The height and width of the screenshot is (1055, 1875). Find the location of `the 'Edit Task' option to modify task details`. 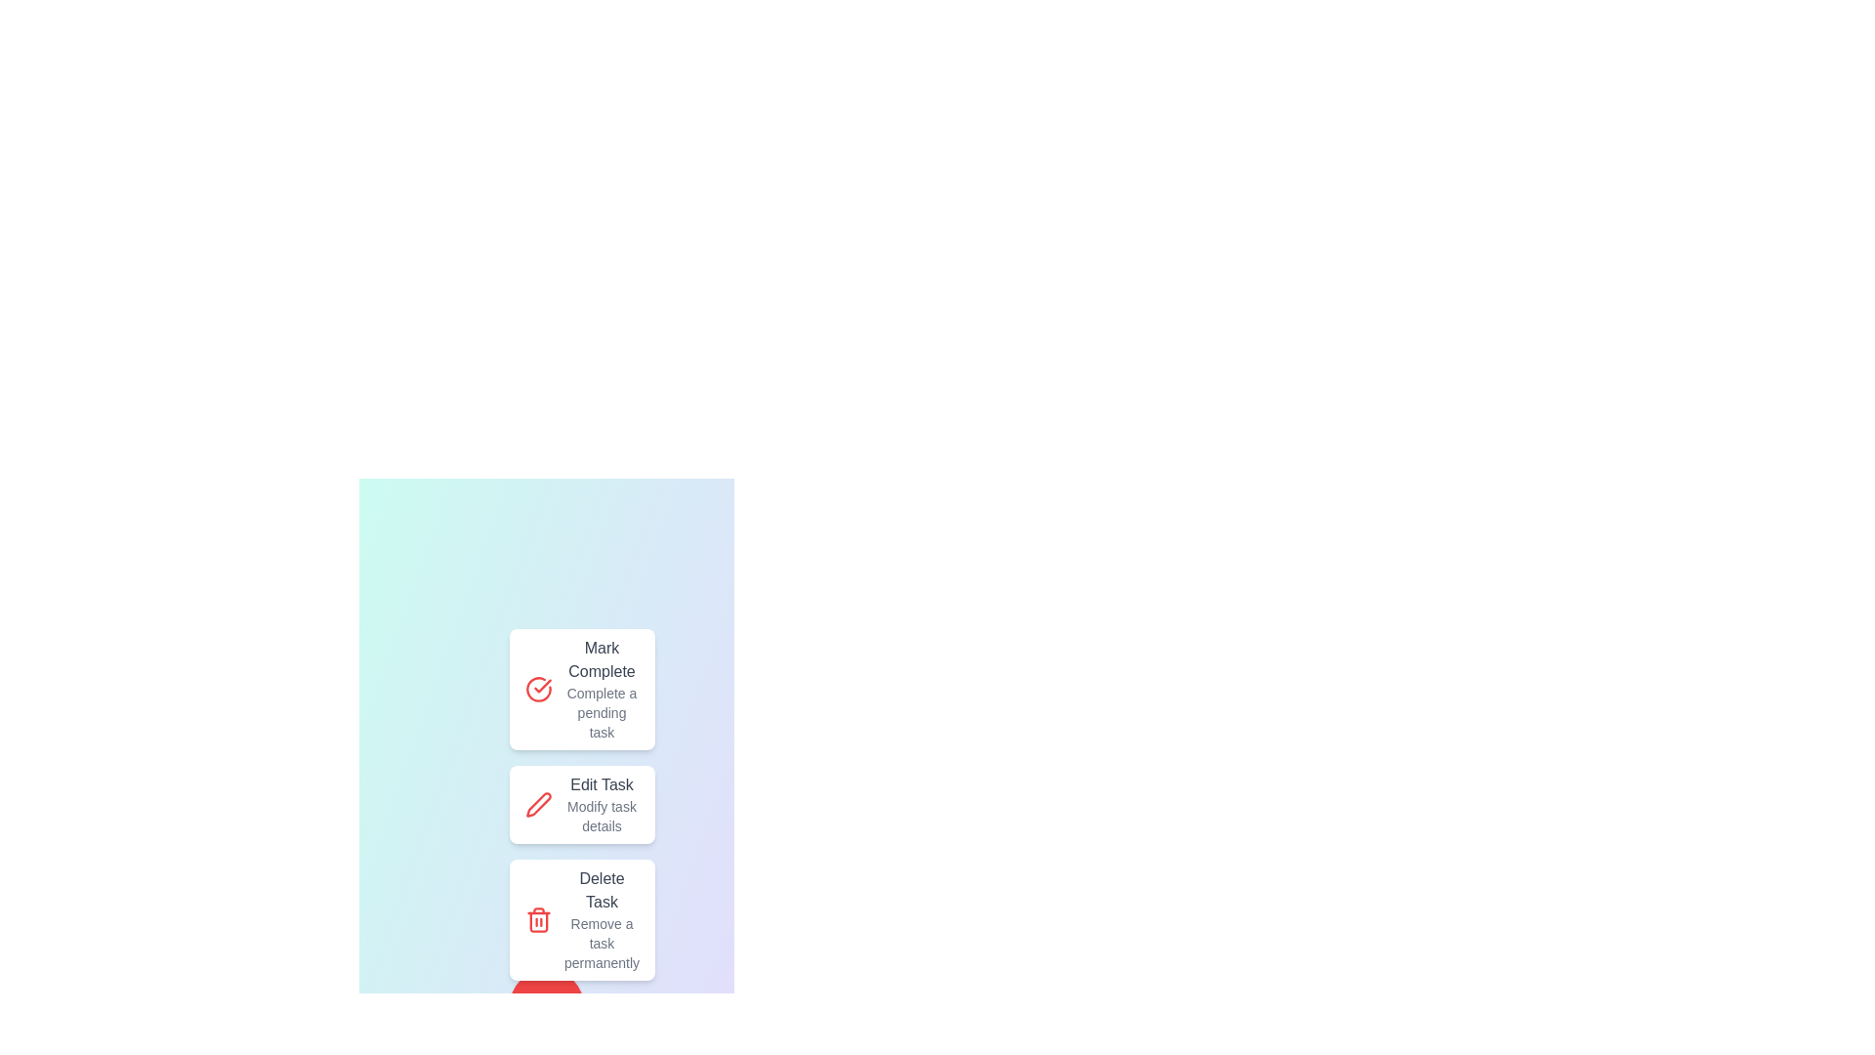

the 'Edit Task' option to modify task details is located at coordinates (580, 805).